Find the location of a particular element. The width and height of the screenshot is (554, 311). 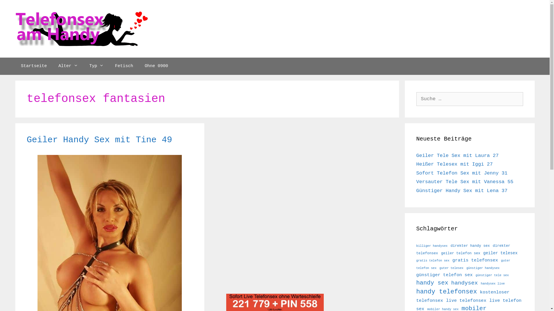

'Alter' is located at coordinates (68, 66).